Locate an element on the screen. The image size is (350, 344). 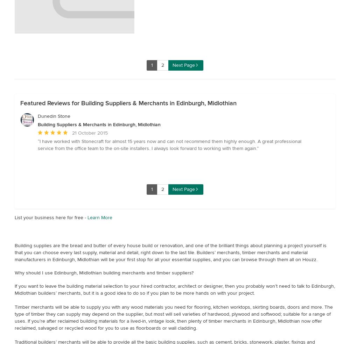
'Dunedin Stone' is located at coordinates (54, 115).